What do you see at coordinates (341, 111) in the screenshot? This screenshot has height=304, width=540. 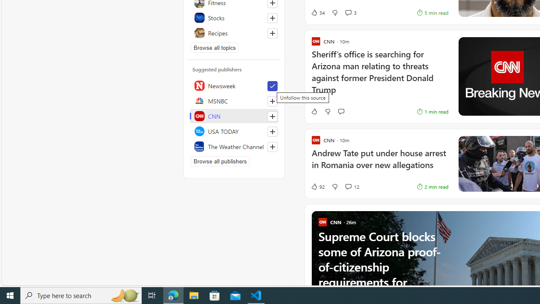 I see `'Start the conversation'` at bounding box center [341, 111].